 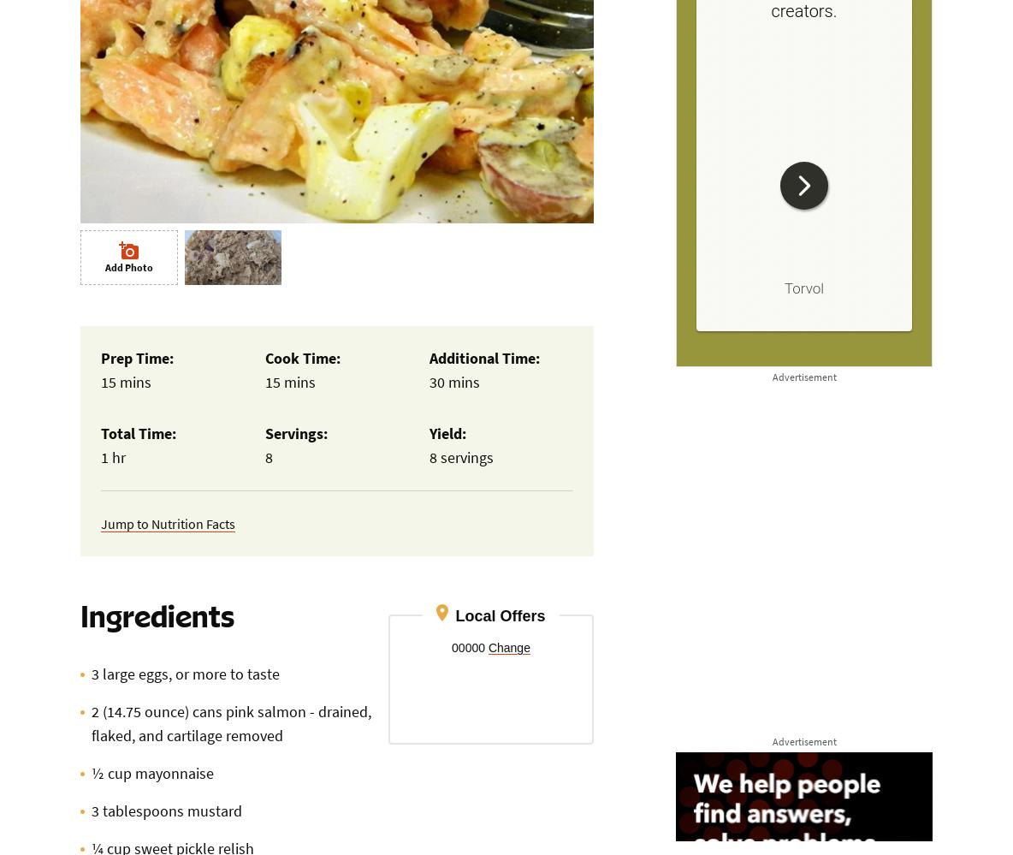 I want to click on 'Add Photo', so click(x=127, y=266).